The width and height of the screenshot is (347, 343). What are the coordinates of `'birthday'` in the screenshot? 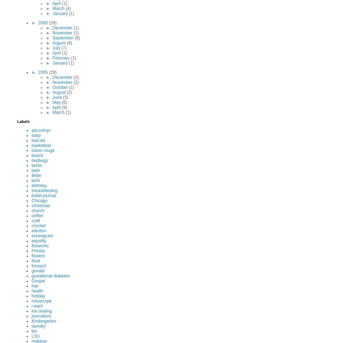 It's located at (39, 186).